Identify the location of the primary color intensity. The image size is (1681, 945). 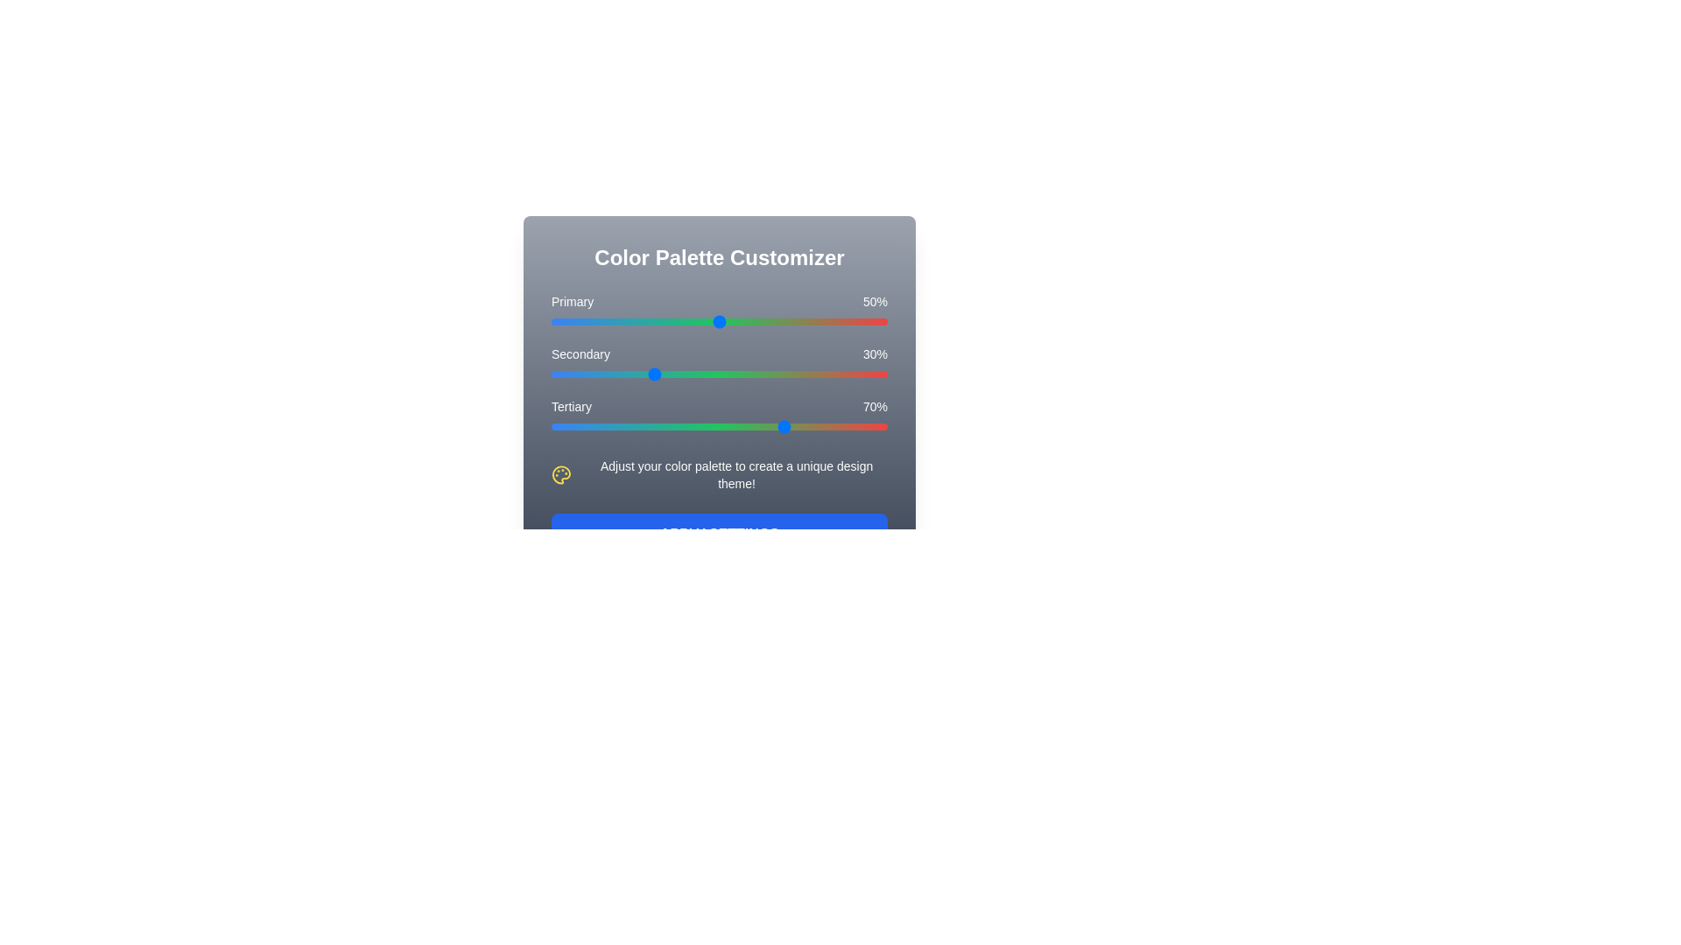
(678, 321).